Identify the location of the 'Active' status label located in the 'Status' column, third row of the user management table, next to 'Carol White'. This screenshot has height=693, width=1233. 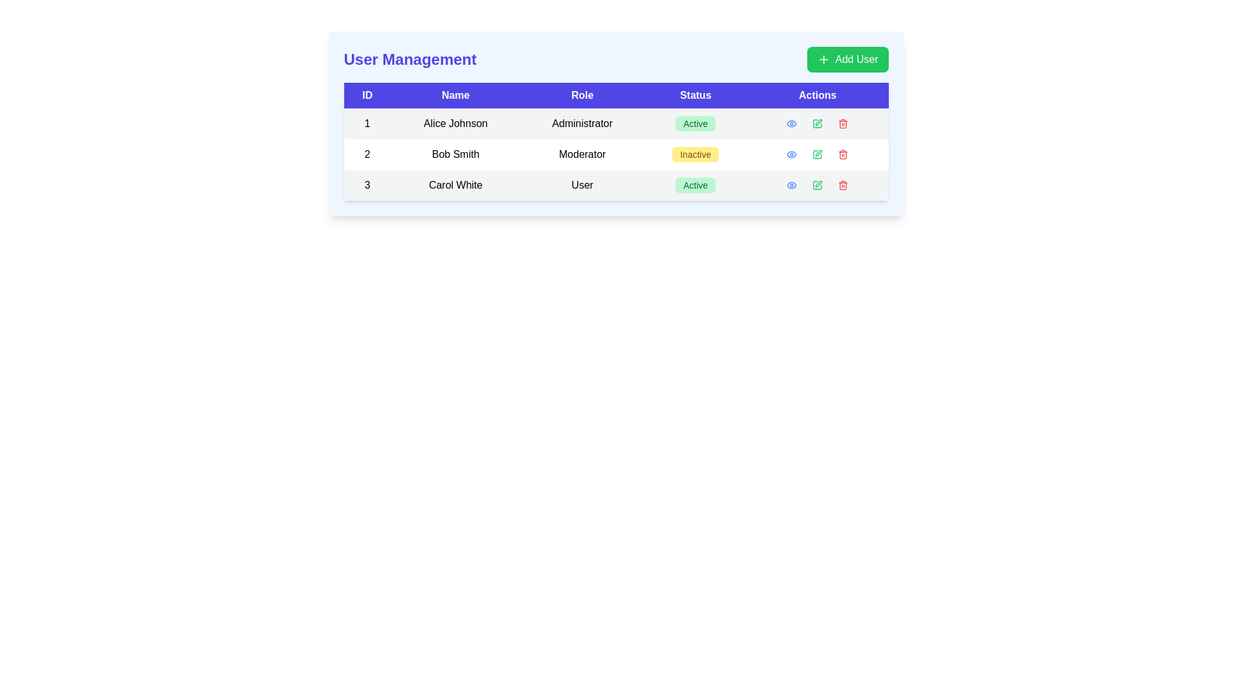
(695, 185).